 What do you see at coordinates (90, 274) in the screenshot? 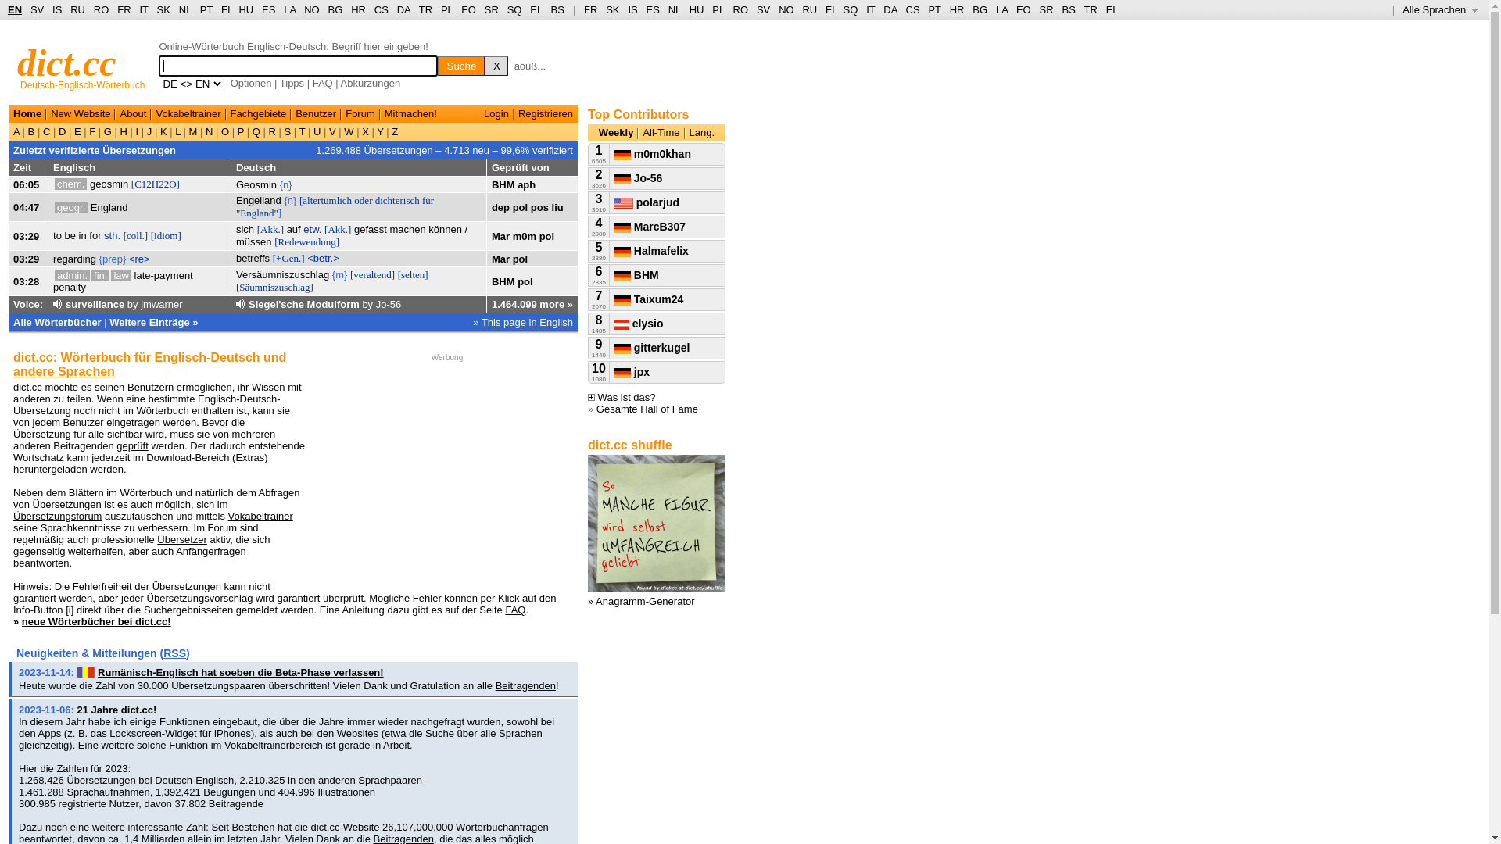
I see `'fin.'` at bounding box center [90, 274].